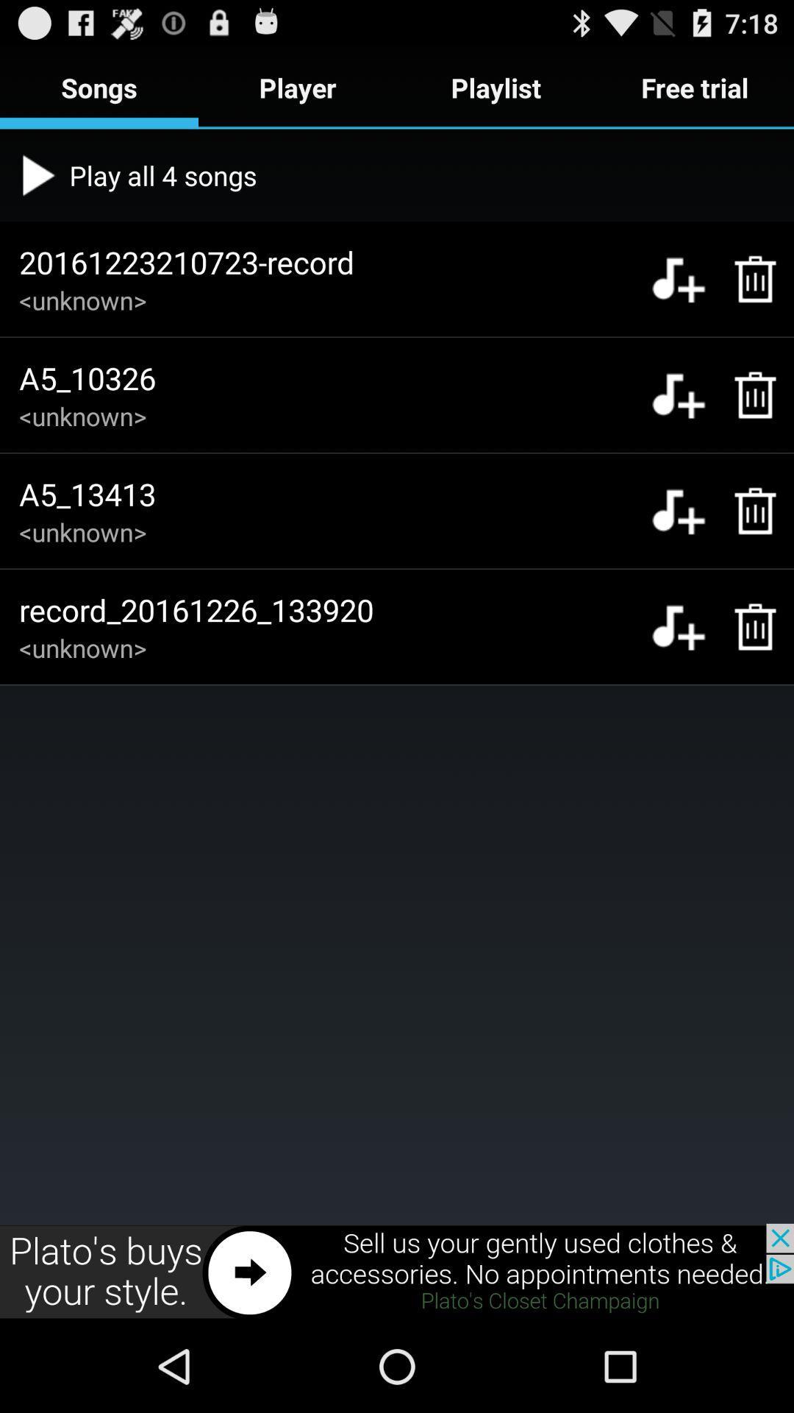  Describe the element at coordinates (678, 395) in the screenshot. I see `music` at that location.